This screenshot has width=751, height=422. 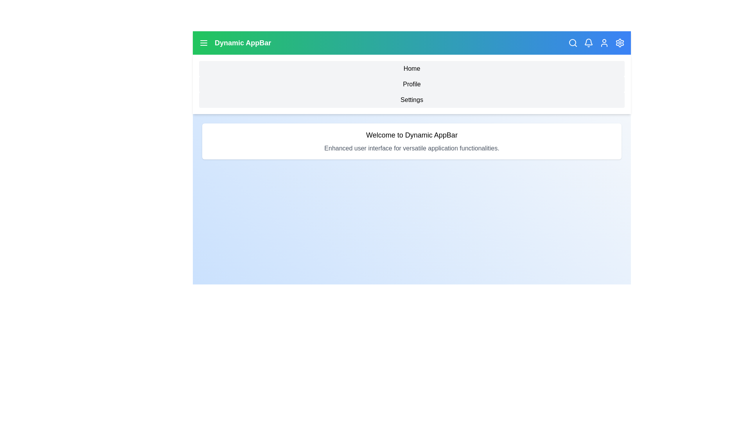 I want to click on the search icon in the app bar, so click(x=573, y=43).